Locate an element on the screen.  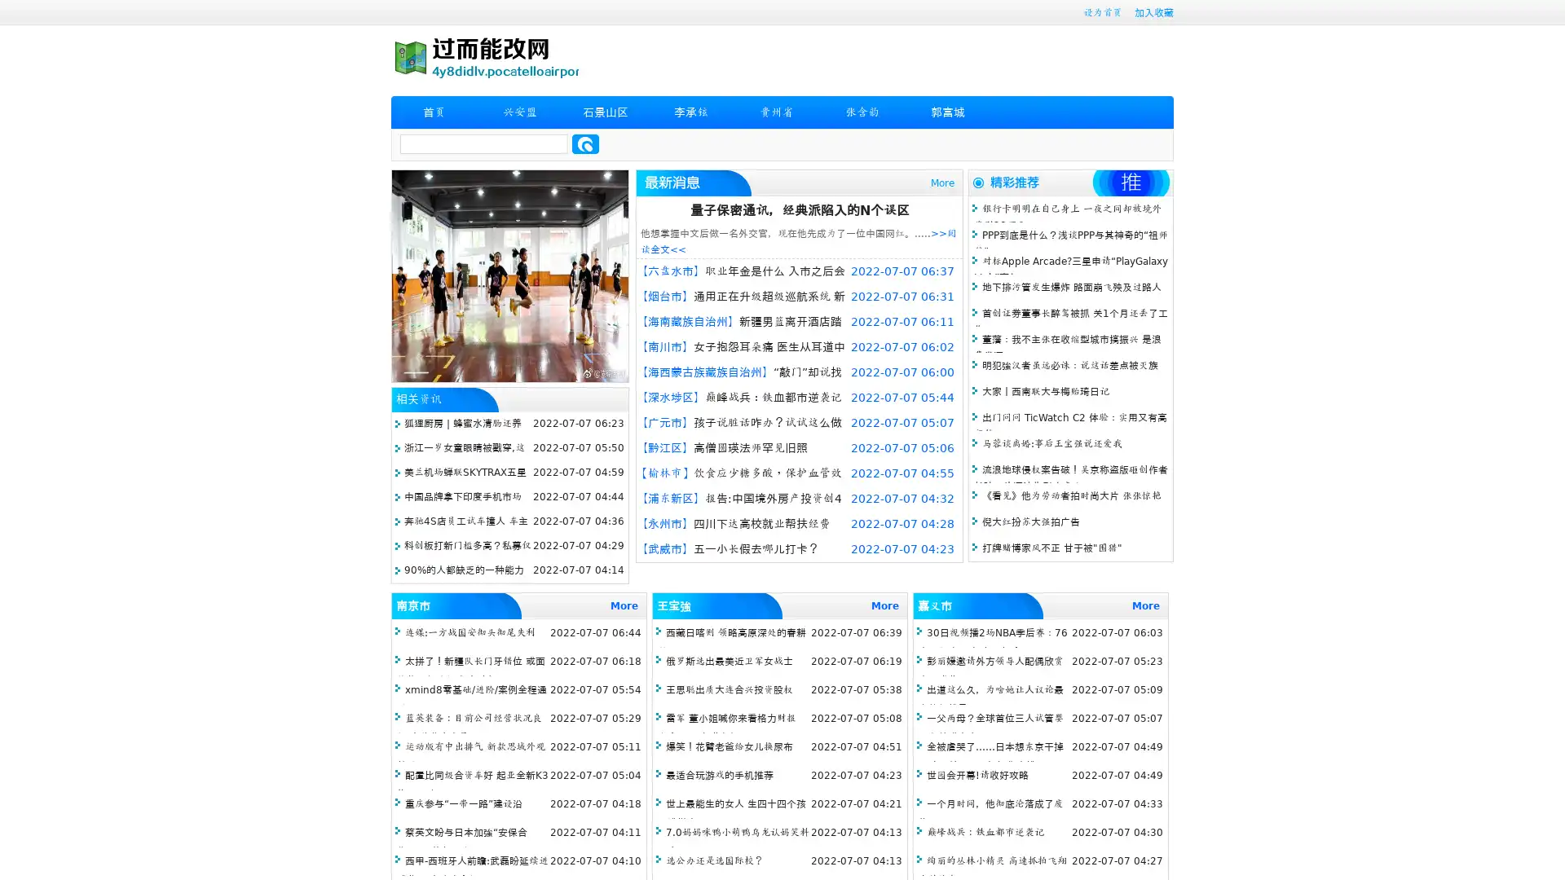
Search is located at coordinates (585, 143).